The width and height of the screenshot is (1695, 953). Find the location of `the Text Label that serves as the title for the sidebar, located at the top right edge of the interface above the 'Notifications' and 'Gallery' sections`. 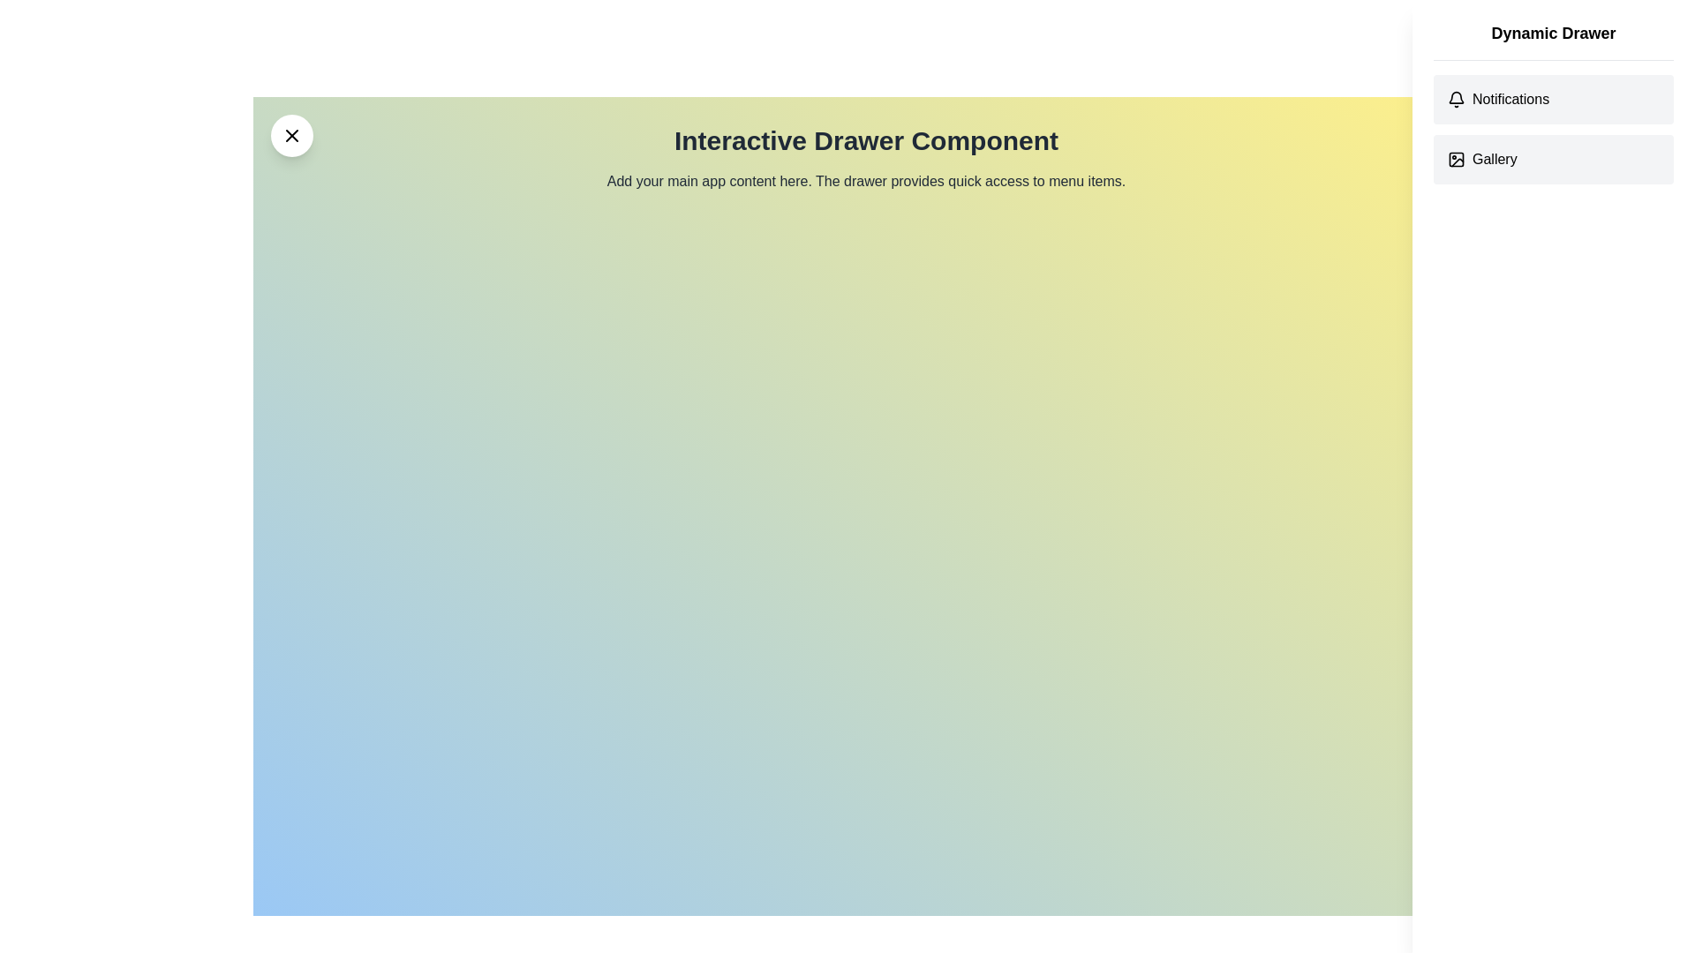

the Text Label that serves as the title for the sidebar, located at the top right edge of the interface above the 'Notifications' and 'Gallery' sections is located at coordinates (1554, 34).